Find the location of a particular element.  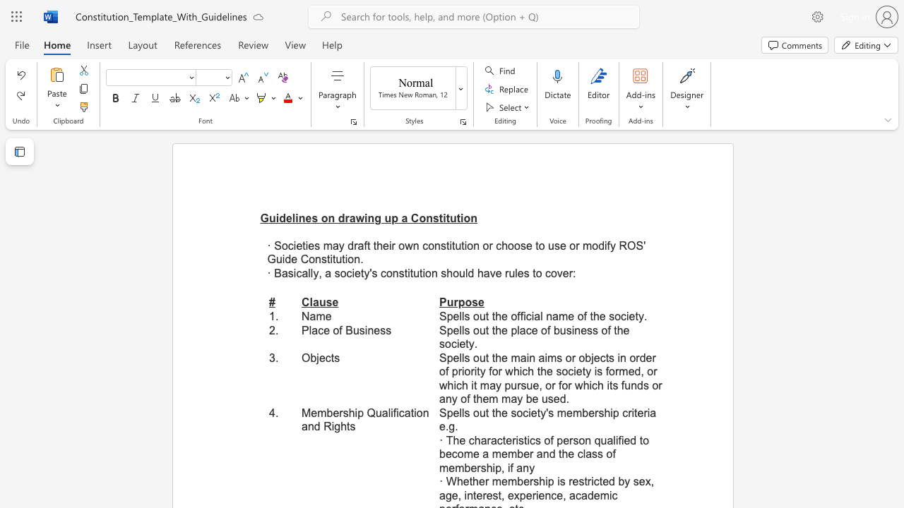

the 2th character "u" in the text is located at coordinates (462, 273).